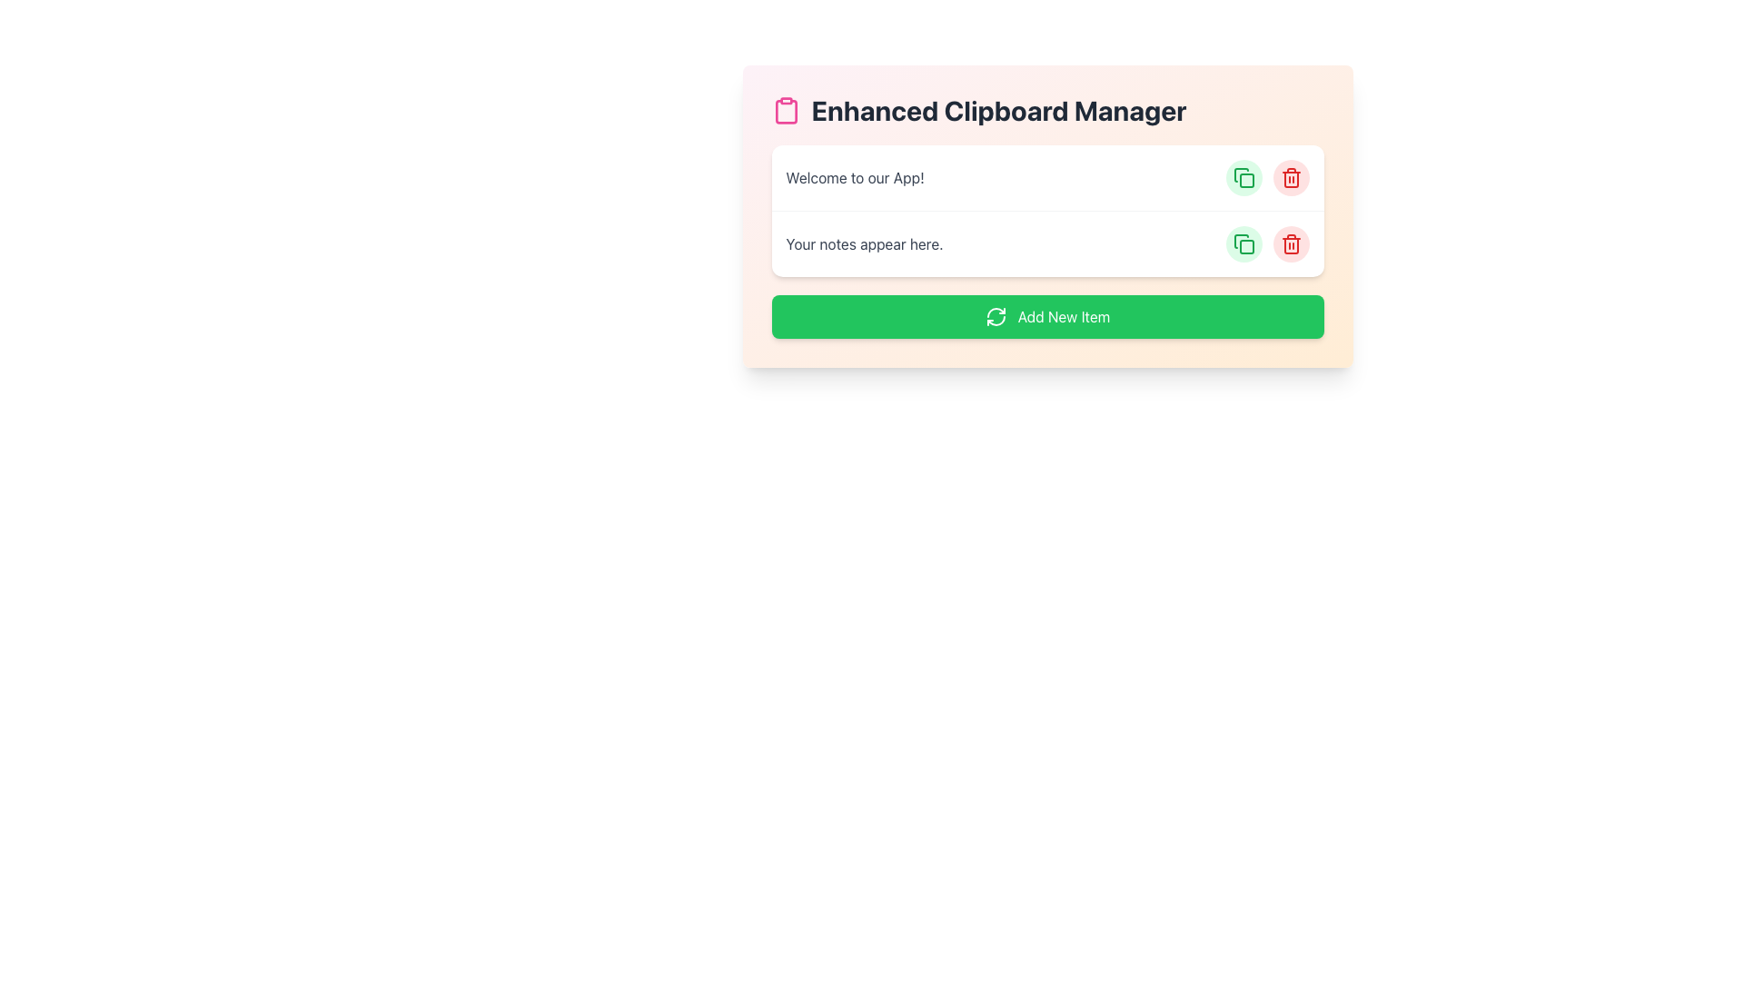  Describe the element at coordinates (1243, 178) in the screenshot. I see `the first button in the horizontal arrangement, which is likely for copying or duplicating content` at that location.